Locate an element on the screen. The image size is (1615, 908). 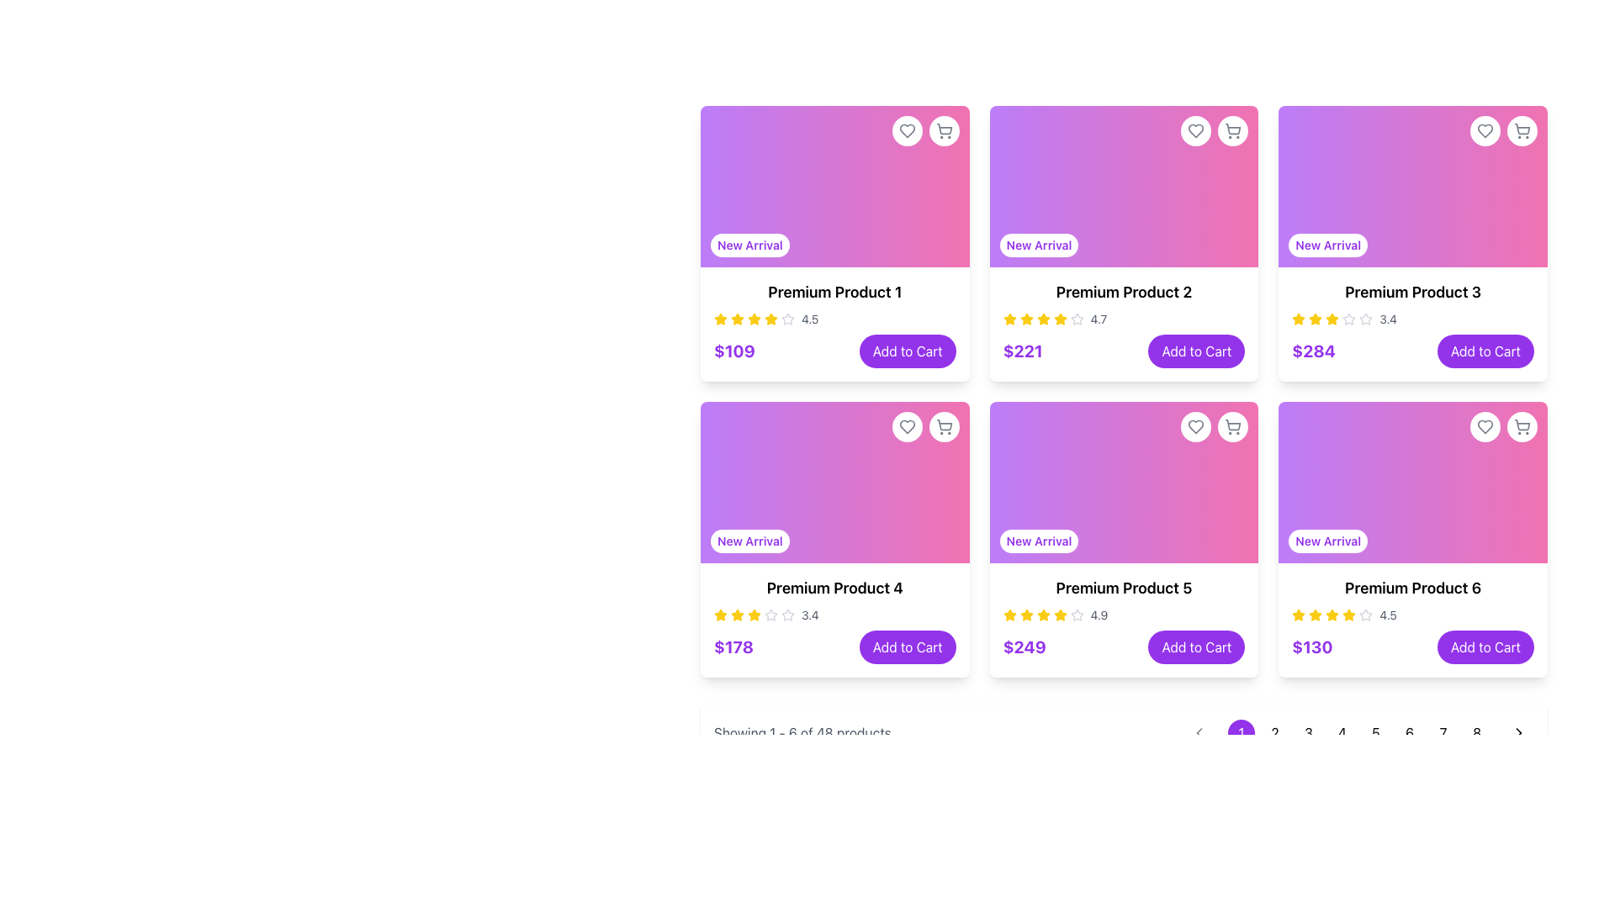
the product card located at the top-left corner of the grid is located at coordinates (834, 243).